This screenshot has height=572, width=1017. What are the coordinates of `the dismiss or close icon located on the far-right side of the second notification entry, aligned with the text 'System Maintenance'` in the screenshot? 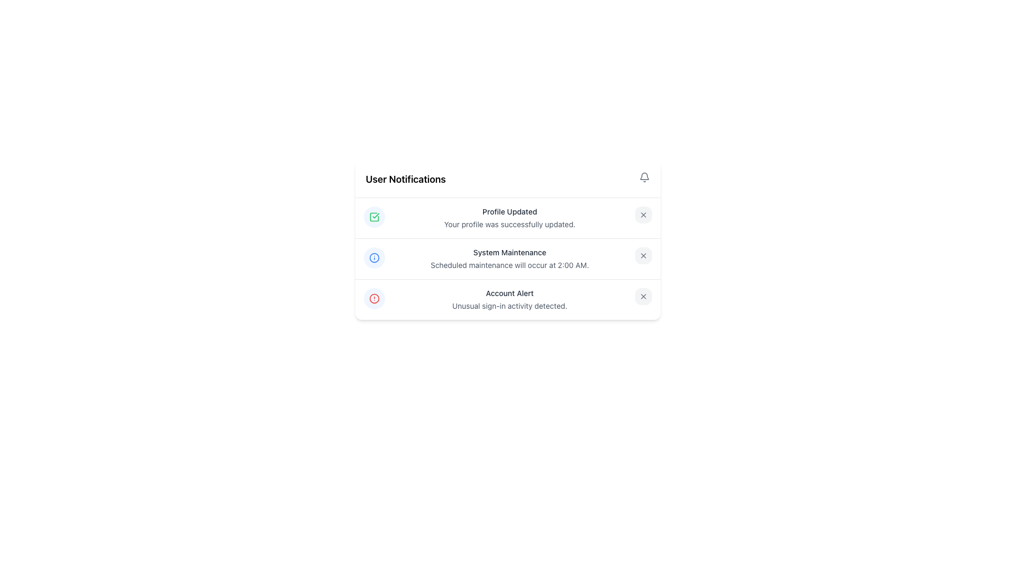 It's located at (643, 255).